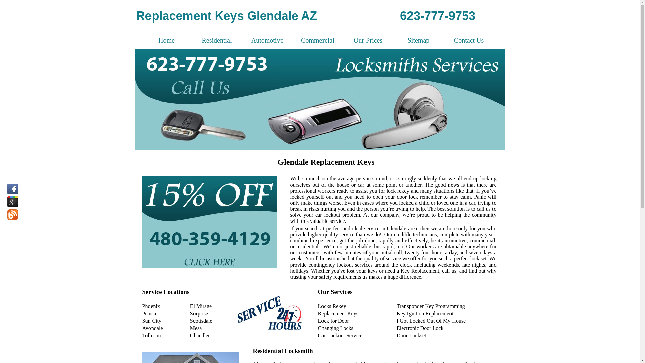  Describe the element at coordinates (340, 335) in the screenshot. I see `'Car Lockout Service'` at that location.